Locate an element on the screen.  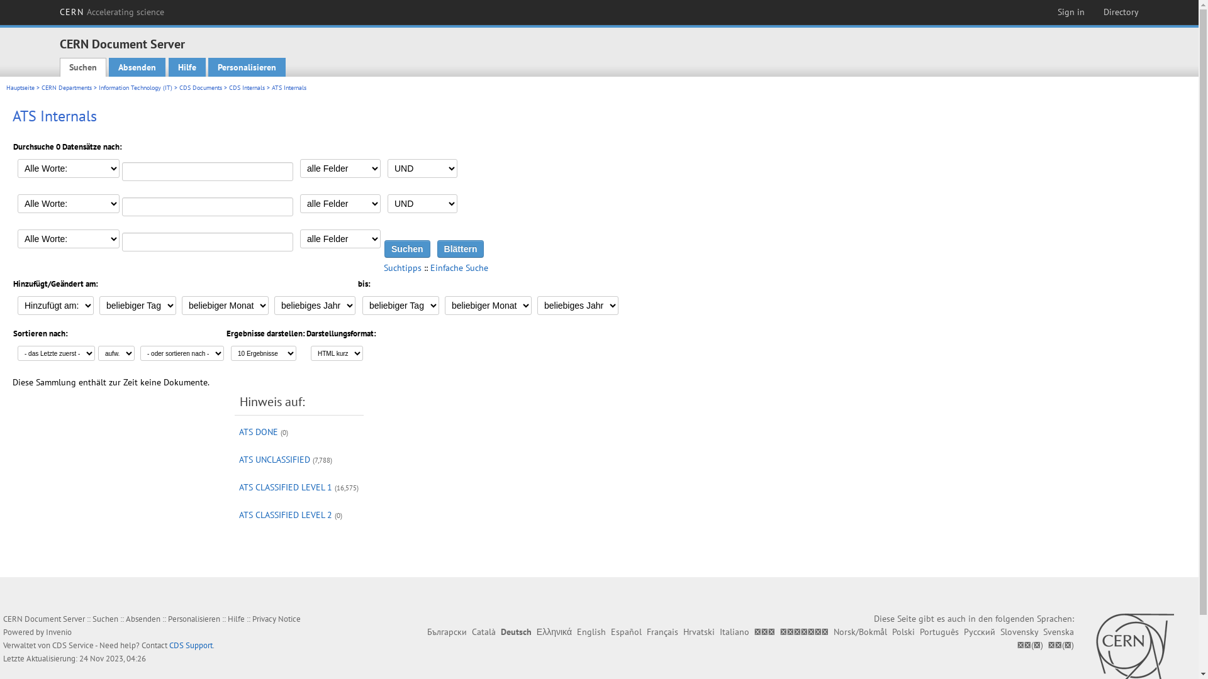
'CDS Support' is located at coordinates (190, 645).